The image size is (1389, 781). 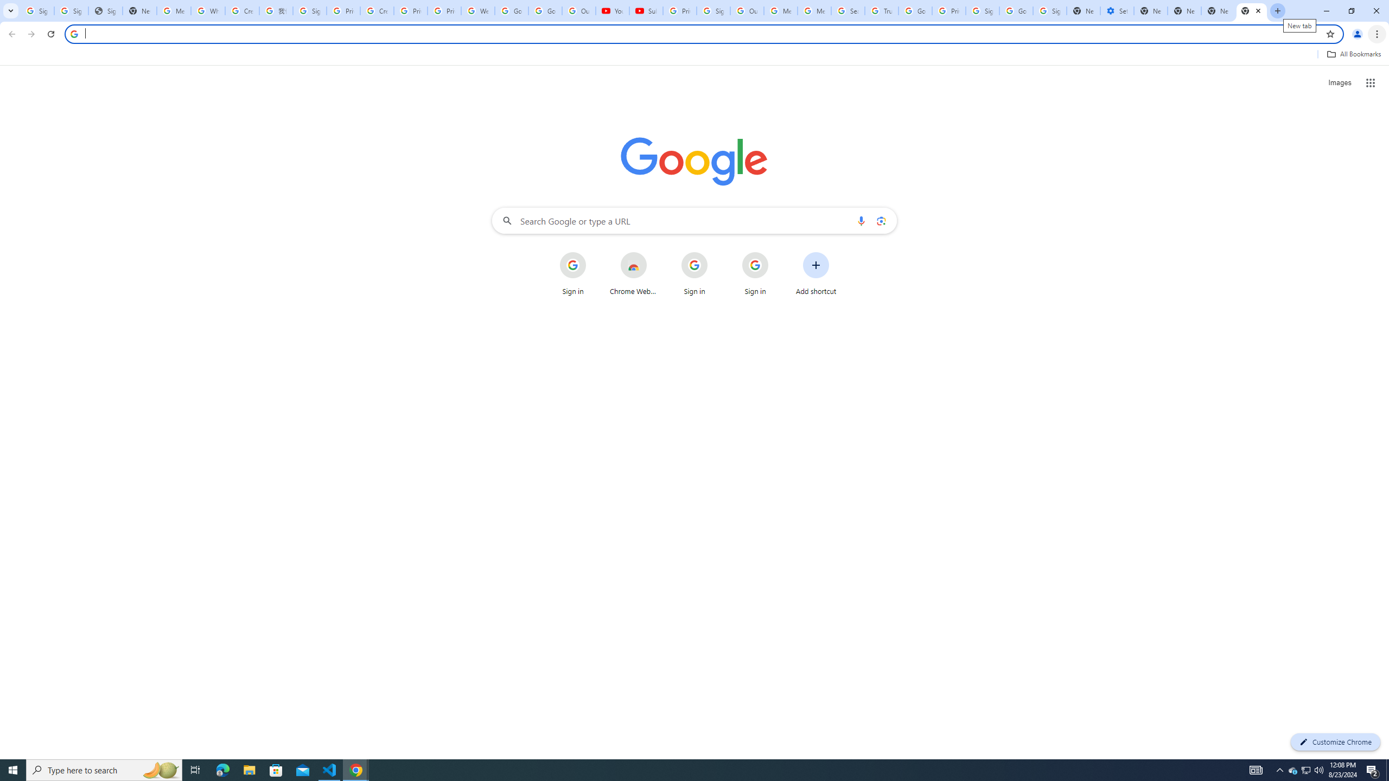 What do you see at coordinates (1340, 83) in the screenshot?
I see `'Search for Images '` at bounding box center [1340, 83].